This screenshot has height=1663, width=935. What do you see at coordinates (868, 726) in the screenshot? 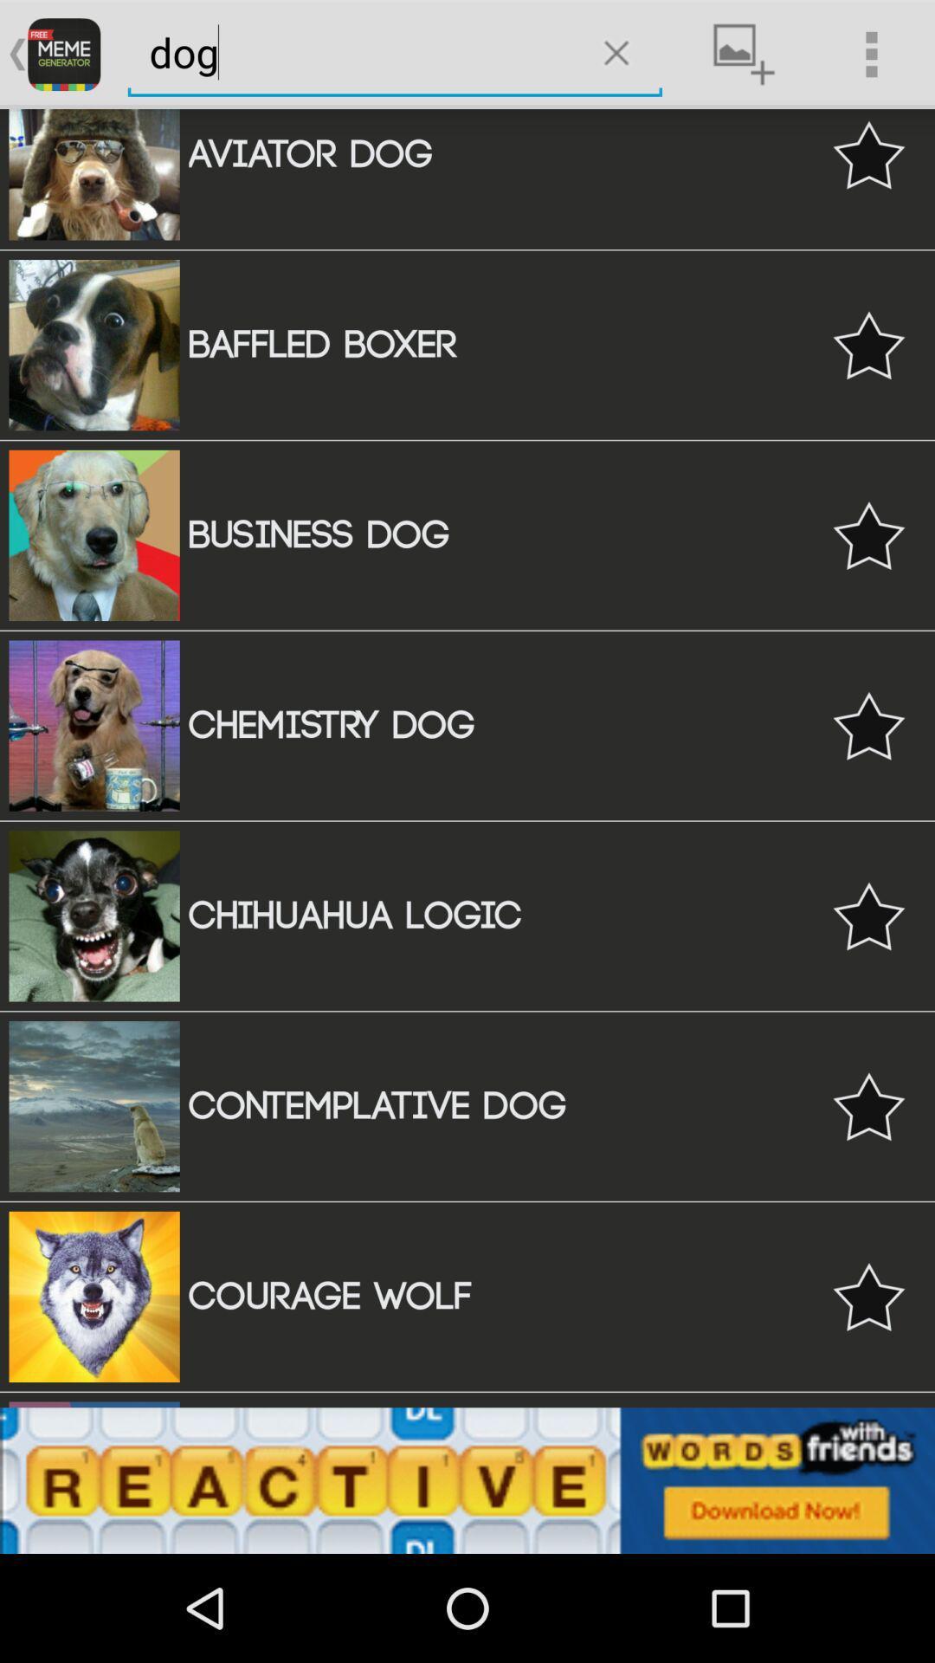
I see `the 4th star icon from the center of the web page` at bounding box center [868, 726].